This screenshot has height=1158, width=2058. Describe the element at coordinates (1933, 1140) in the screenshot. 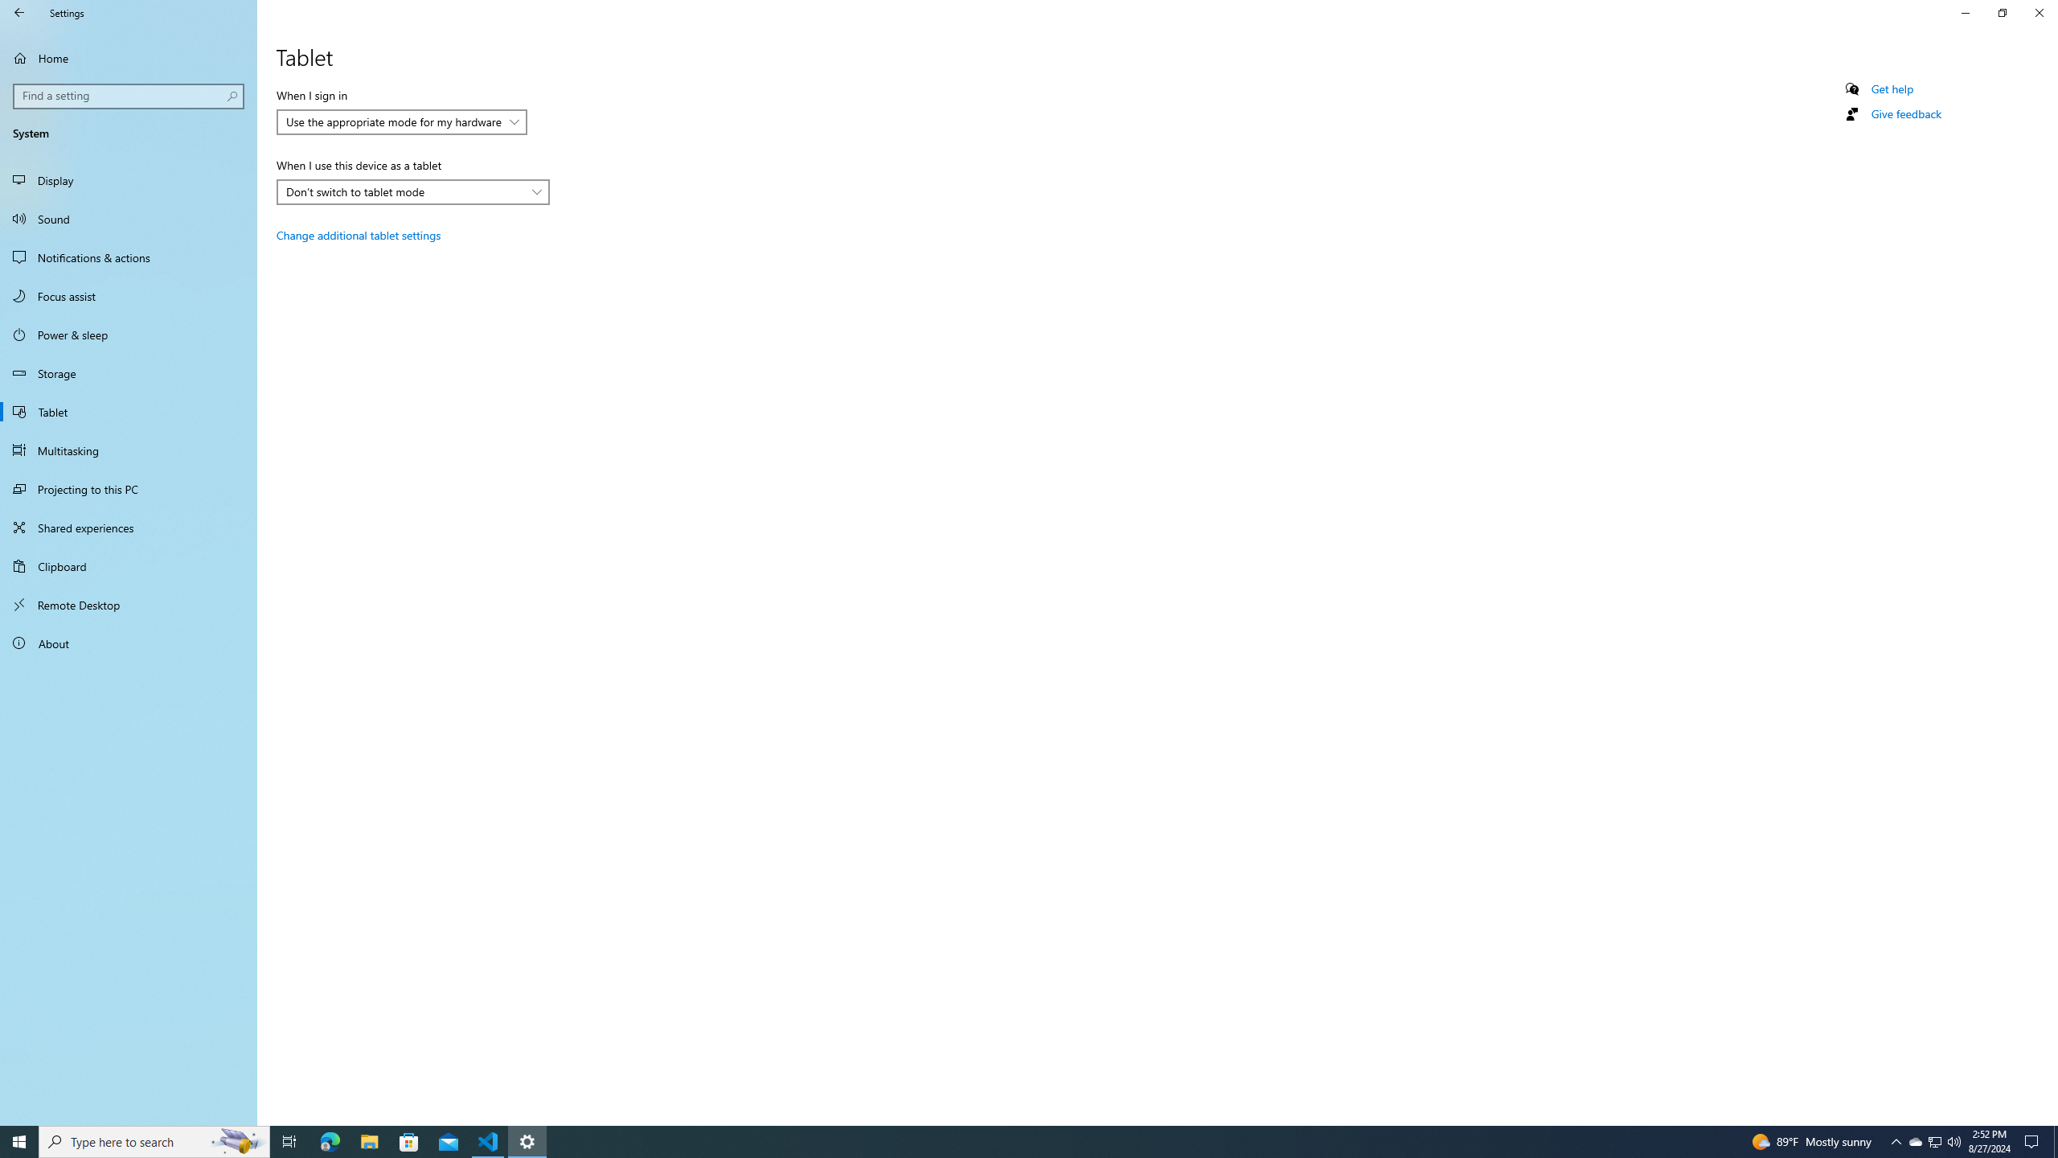

I see `'User Promoted Notification Area'` at that location.